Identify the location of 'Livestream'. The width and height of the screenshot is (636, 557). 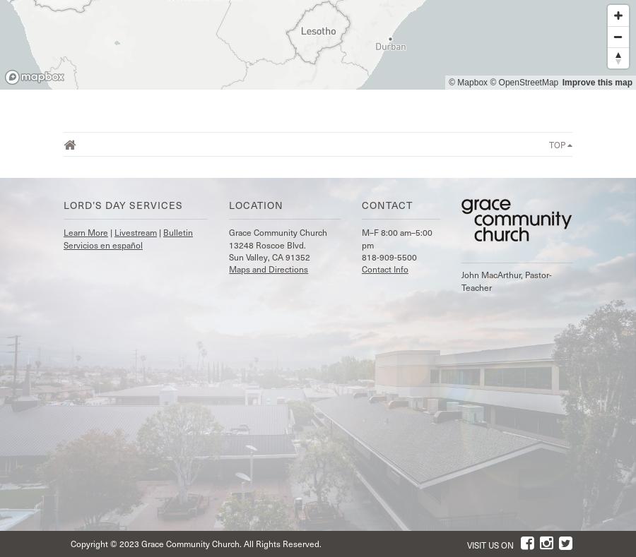
(135, 232).